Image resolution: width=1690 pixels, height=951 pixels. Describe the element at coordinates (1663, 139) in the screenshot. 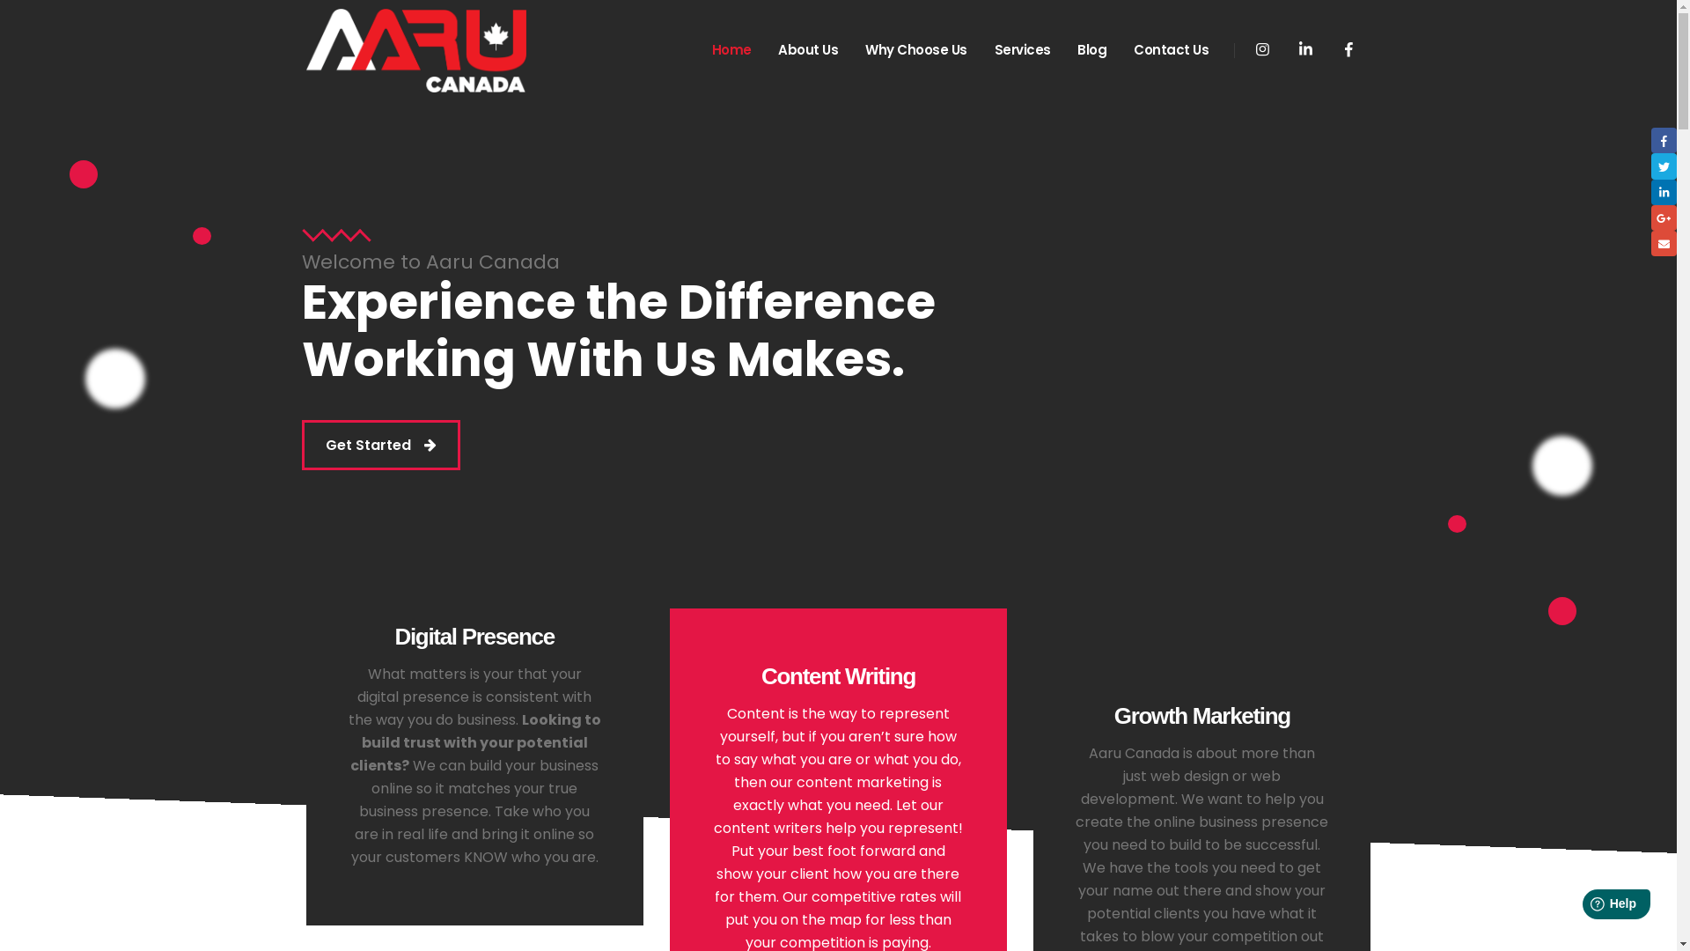

I see `'Facebook'` at that location.